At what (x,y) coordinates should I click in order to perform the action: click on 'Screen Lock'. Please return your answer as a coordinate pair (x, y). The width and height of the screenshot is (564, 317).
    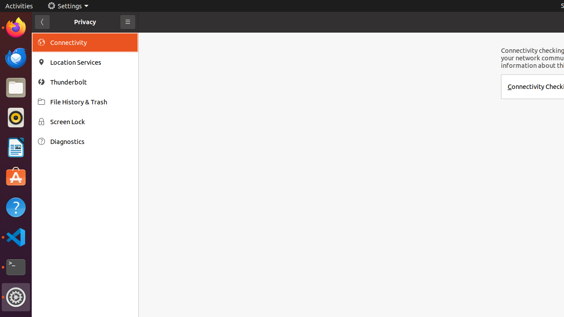
    Looking at the image, I should click on (91, 122).